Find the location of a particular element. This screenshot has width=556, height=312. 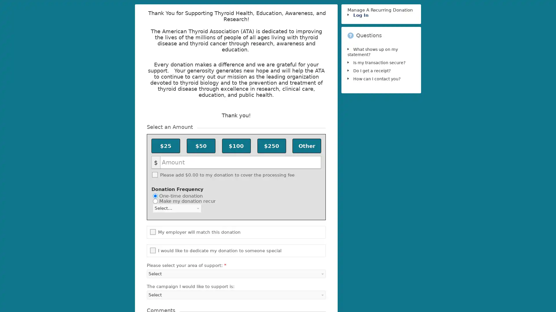

$100 is located at coordinates (236, 146).